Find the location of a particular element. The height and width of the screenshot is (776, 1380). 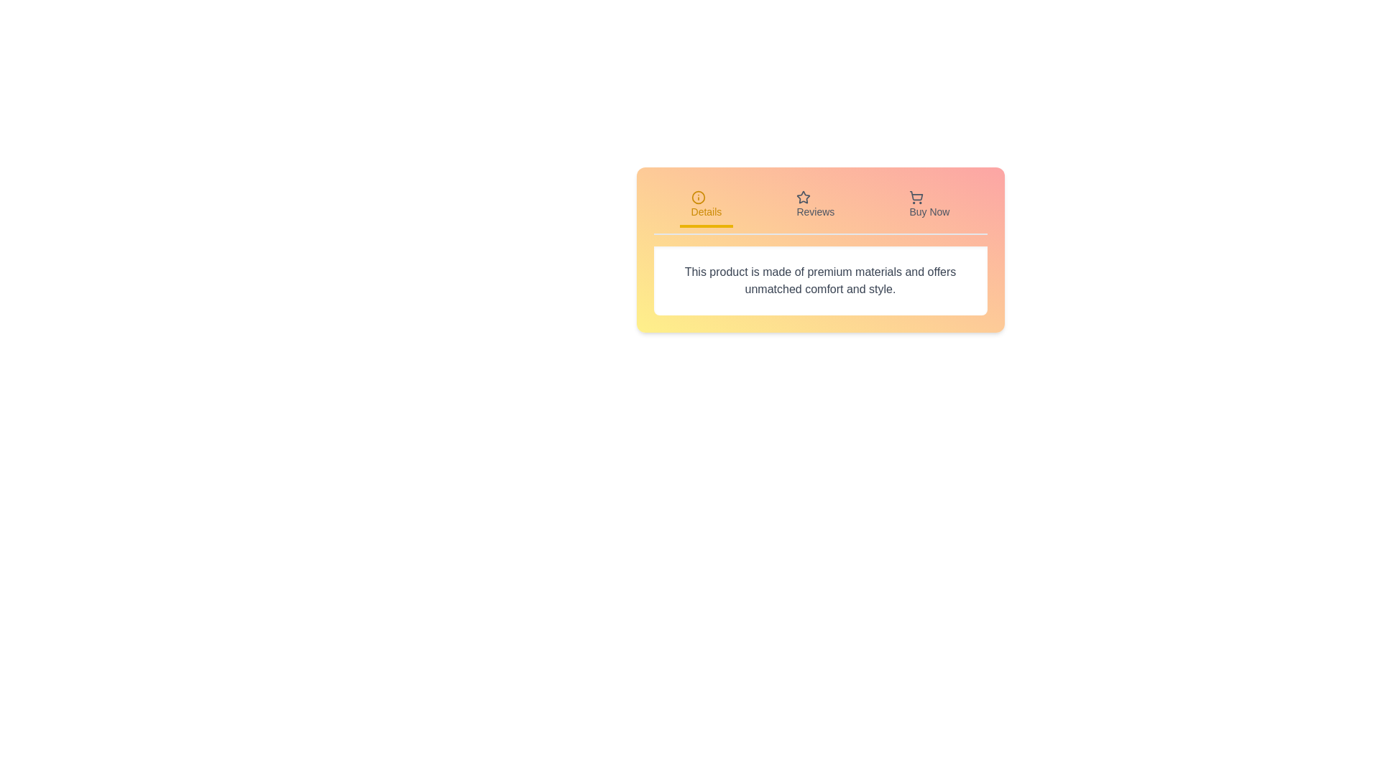

the Buy Now tab to observe its hover effect is located at coordinates (929, 205).